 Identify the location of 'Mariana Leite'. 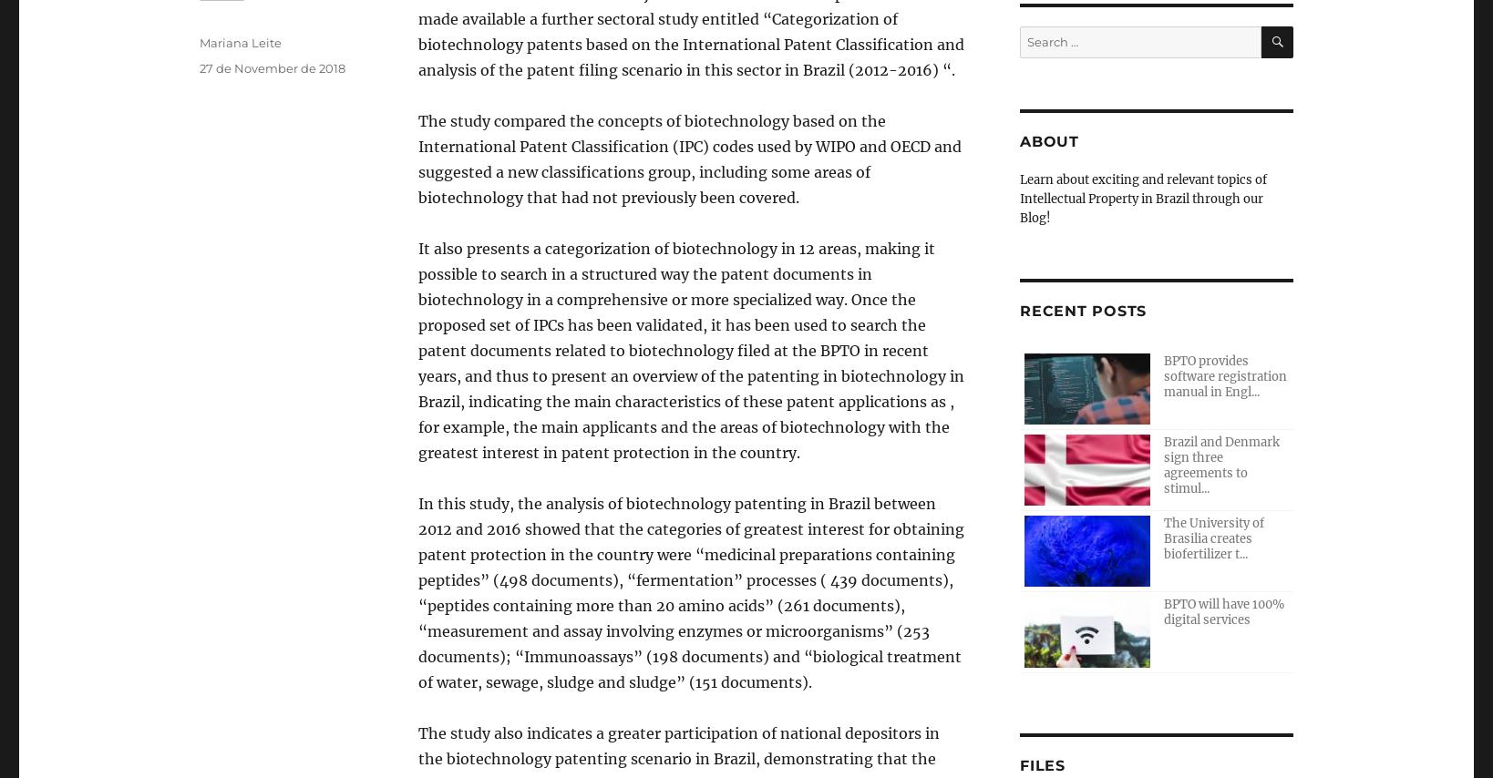
(240, 42).